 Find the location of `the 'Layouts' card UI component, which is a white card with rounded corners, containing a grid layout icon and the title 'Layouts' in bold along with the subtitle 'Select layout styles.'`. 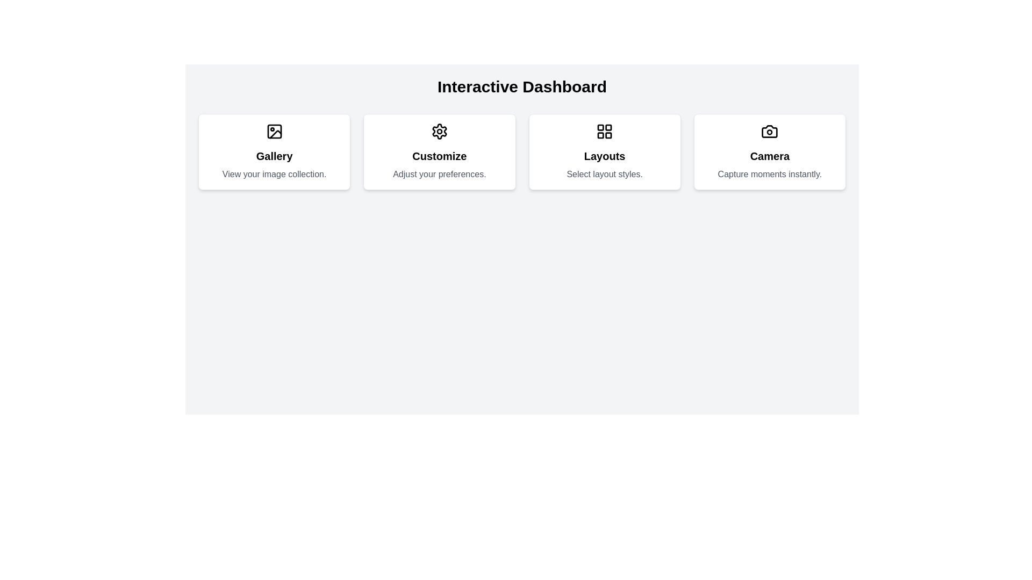

the 'Layouts' card UI component, which is a white card with rounded corners, containing a grid layout icon and the title 'Layouts' in bold along with the subtitle 'Select layout styles.' is located at coordinates (604, 151).